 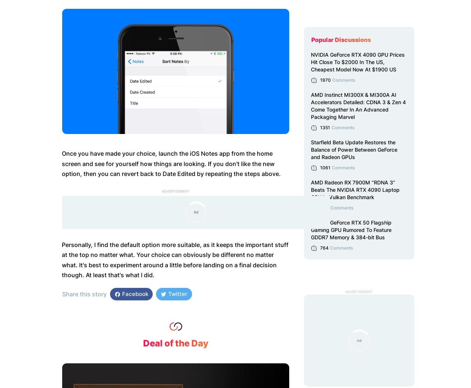 I want to click on 'Deal of the Day', so click(x=175, y=342).